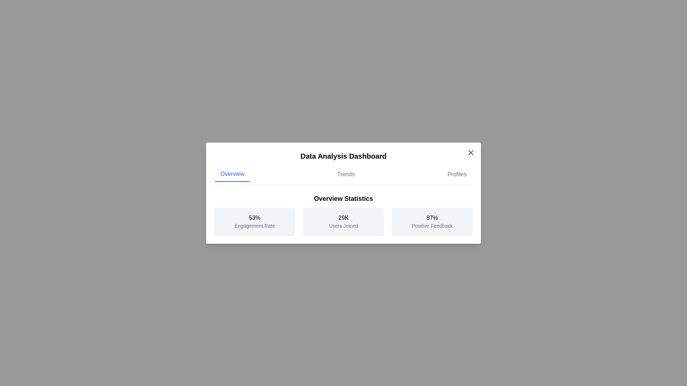  I want to click on the Header text element that reads 'Overview Statistics', which is styled in a bold, large font and located centrally above three data cards, so click(343, 198).